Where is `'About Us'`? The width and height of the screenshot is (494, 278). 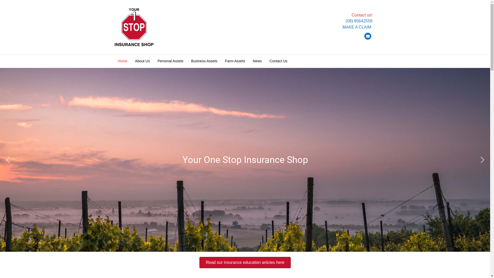 'About Us' is located at coordinates (142, 61).